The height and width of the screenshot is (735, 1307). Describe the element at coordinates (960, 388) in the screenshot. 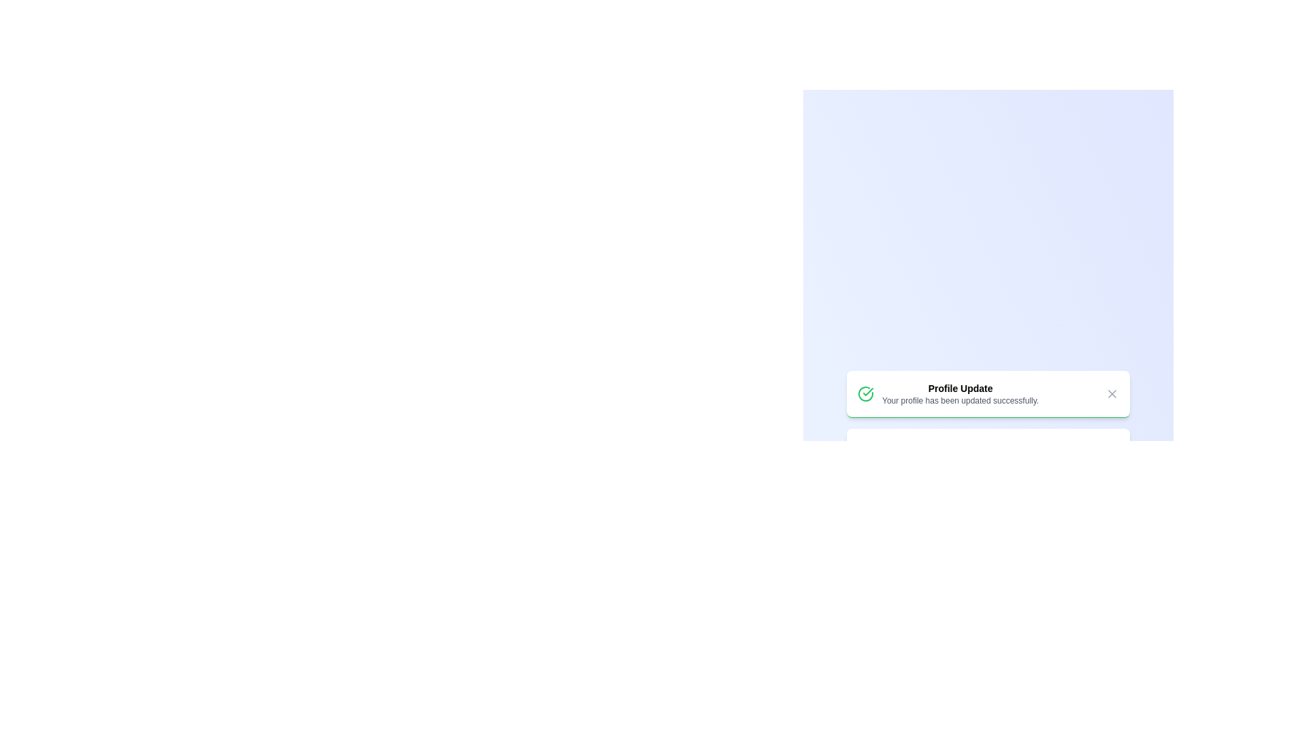

I see `text label saying 'Profile Update', which is styled in bold and located at the top of the notification window` at that location.